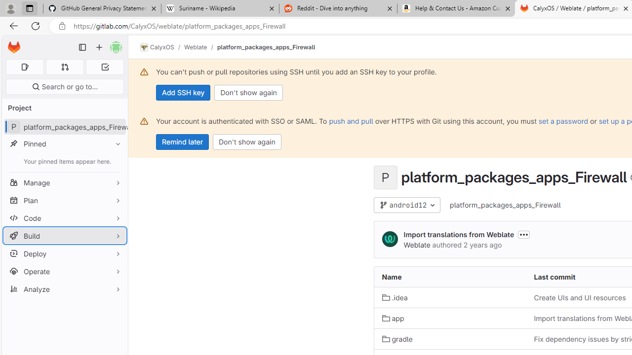  Describe the element at coordinates (407, 205) in the screenshot. I see `'android12'` at that location.